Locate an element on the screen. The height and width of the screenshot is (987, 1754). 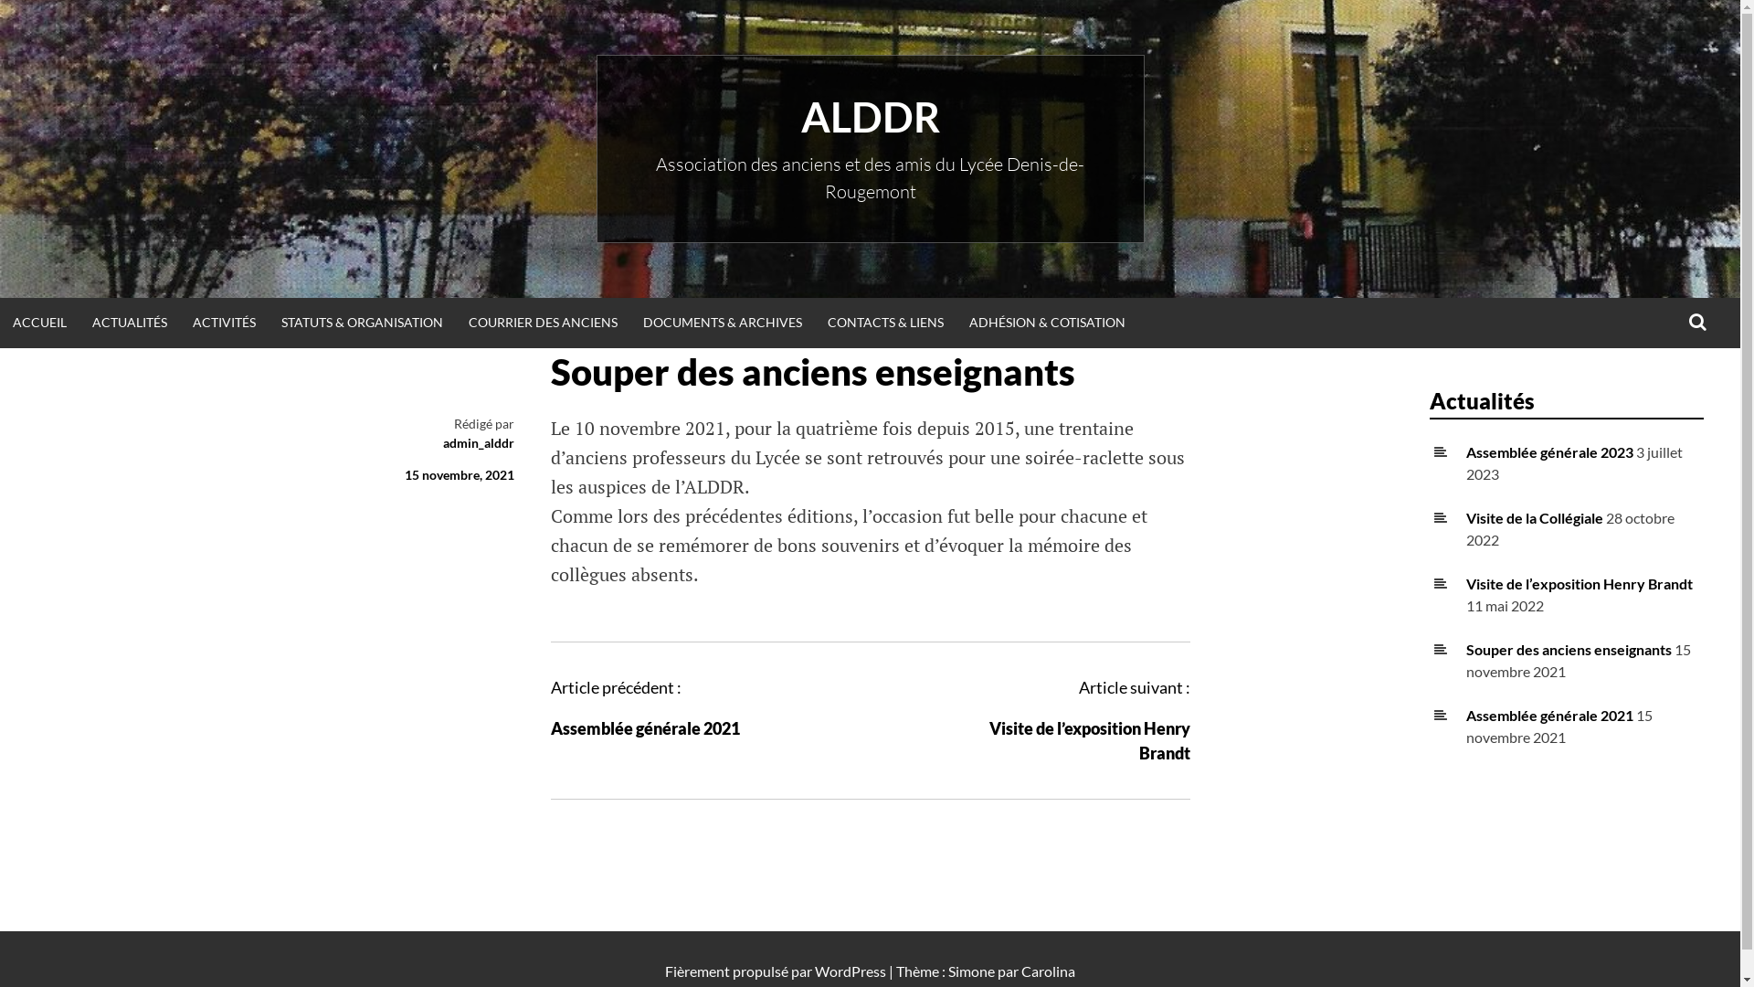
'ALDDR' is located at coordinates (868, 116).